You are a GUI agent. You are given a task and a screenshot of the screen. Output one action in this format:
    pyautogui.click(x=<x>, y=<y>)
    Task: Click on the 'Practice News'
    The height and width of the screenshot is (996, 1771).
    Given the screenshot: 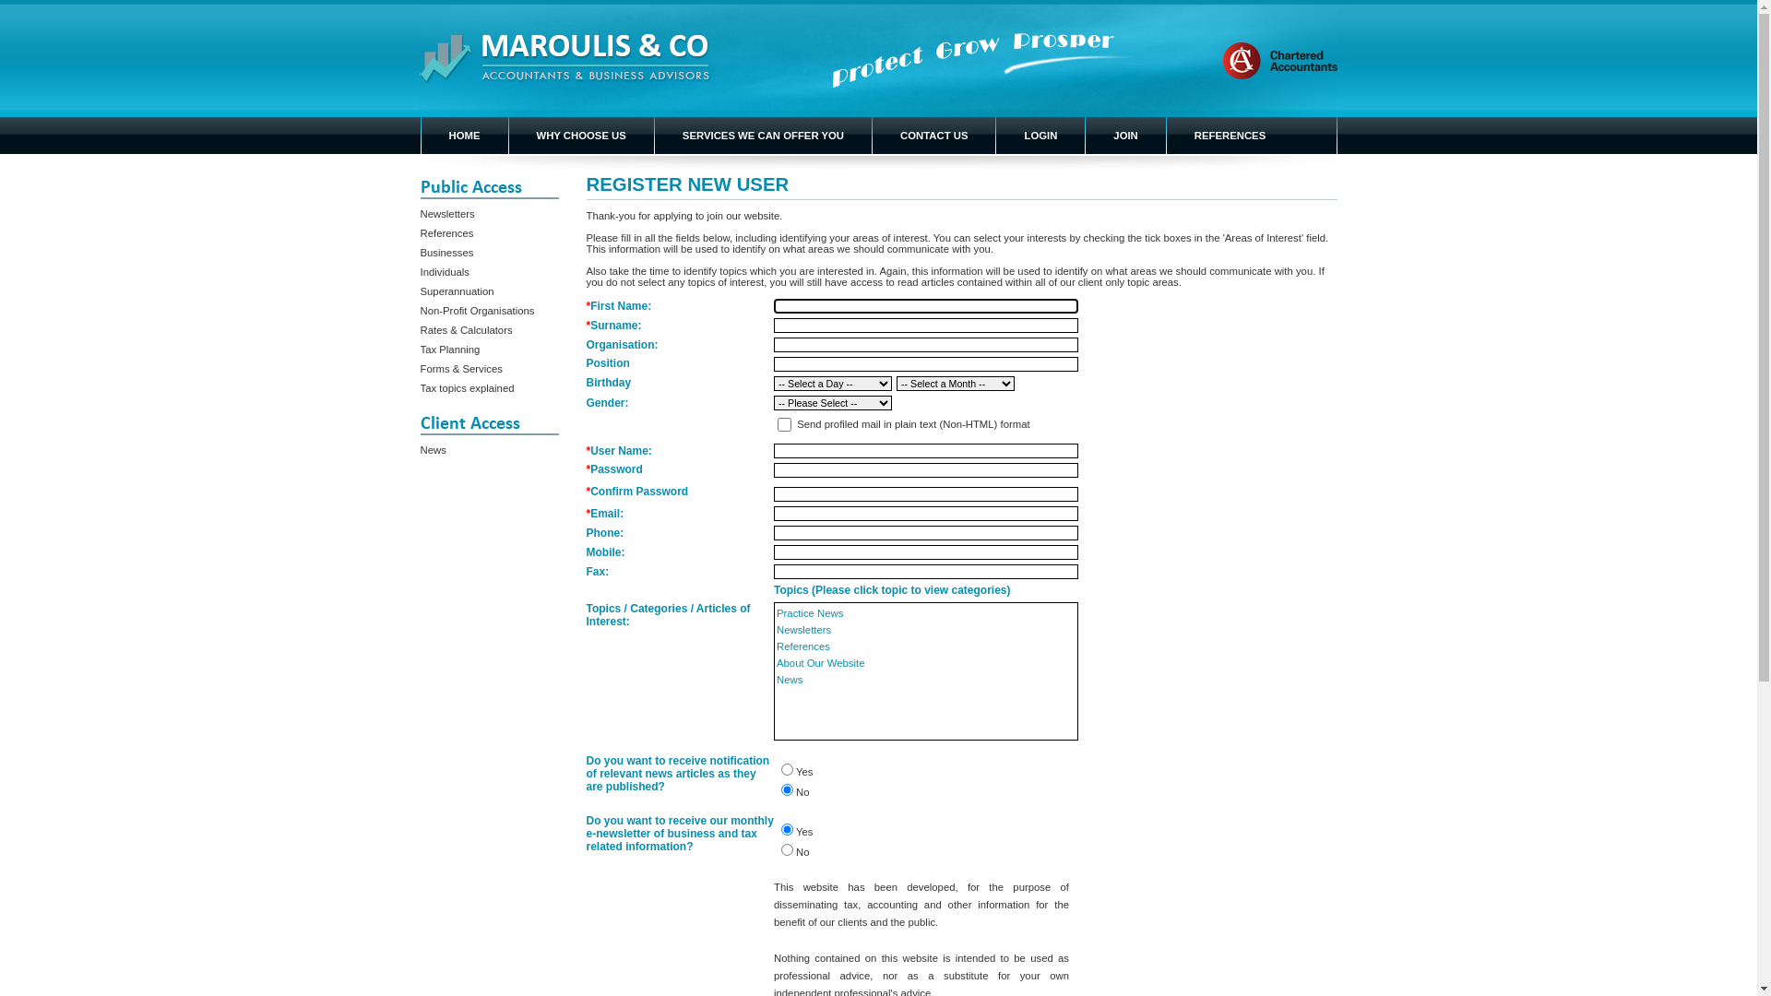 What is the action you would take?
    pyautogui.click(x=776, y=612)
    